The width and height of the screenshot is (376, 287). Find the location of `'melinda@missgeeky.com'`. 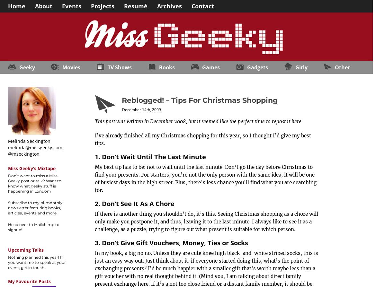

'melinda@missgeeky.com' is located at coordinates (8, 147).